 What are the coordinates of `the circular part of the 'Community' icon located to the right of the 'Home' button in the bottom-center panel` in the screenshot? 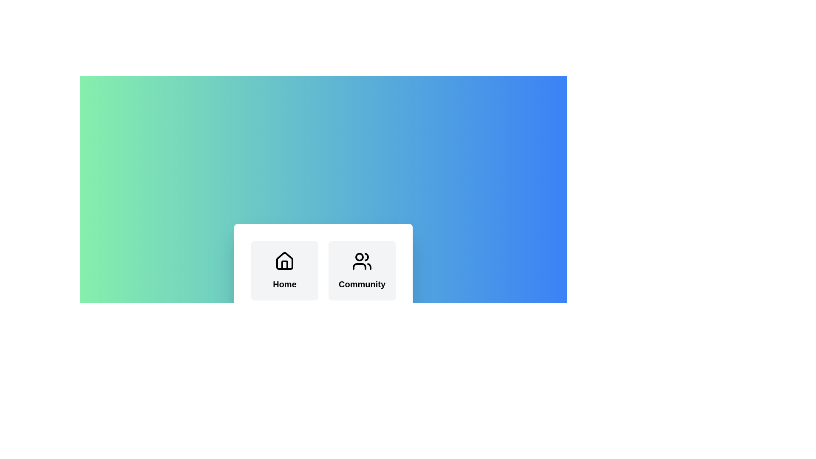 It's located at (359, 257).